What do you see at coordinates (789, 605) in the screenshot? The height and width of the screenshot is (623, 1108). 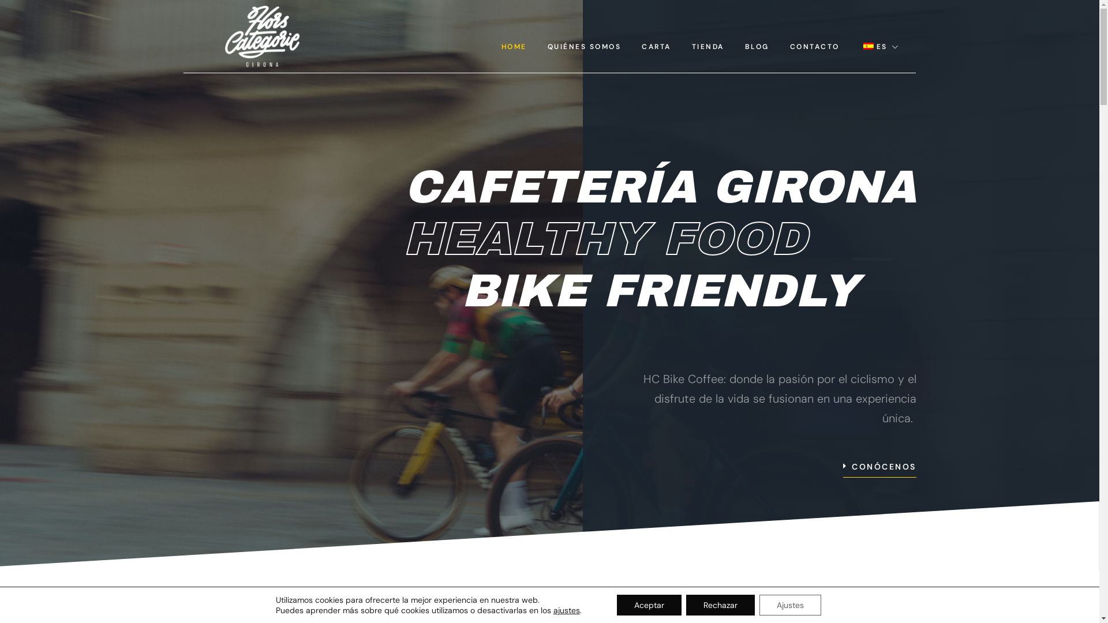 I see `'Ajustes'` at bounding box center [789, 605].